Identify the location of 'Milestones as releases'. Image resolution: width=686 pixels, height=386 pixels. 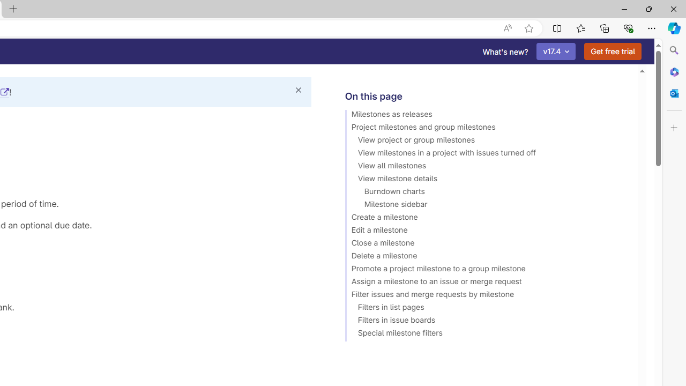
(486, 116).